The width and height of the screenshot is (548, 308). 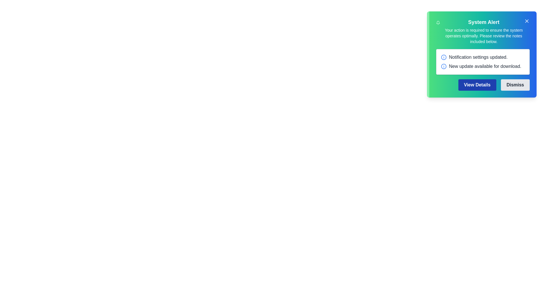 I want to click on the 'Dismiss' button to dismiss the alert, so click(x=515, y=85).